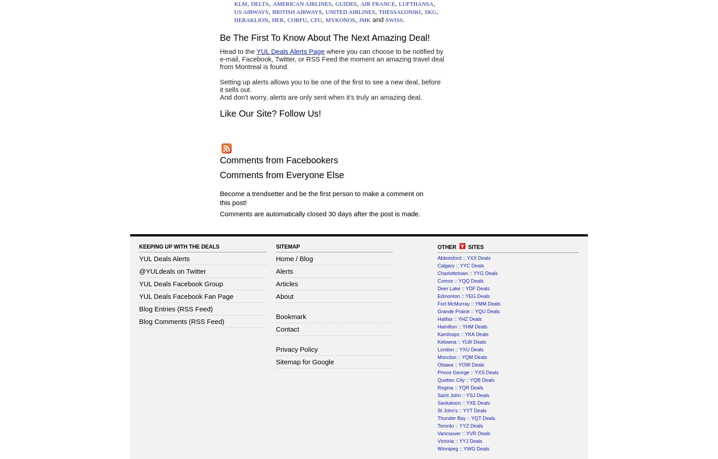 The height and width of the screenshot is (459, 718). Describe the element at coordinates (181, 321) in the screenshot. I see `'Blog Comments (RSS Feed)'` at that location.